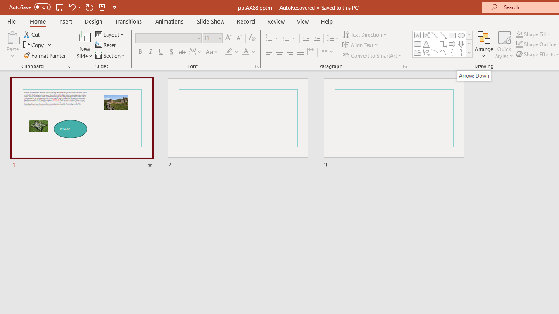 Image resolution: width=559 pixels, height=314 pixels. I want to click on 'Layout', so click(110, 34).